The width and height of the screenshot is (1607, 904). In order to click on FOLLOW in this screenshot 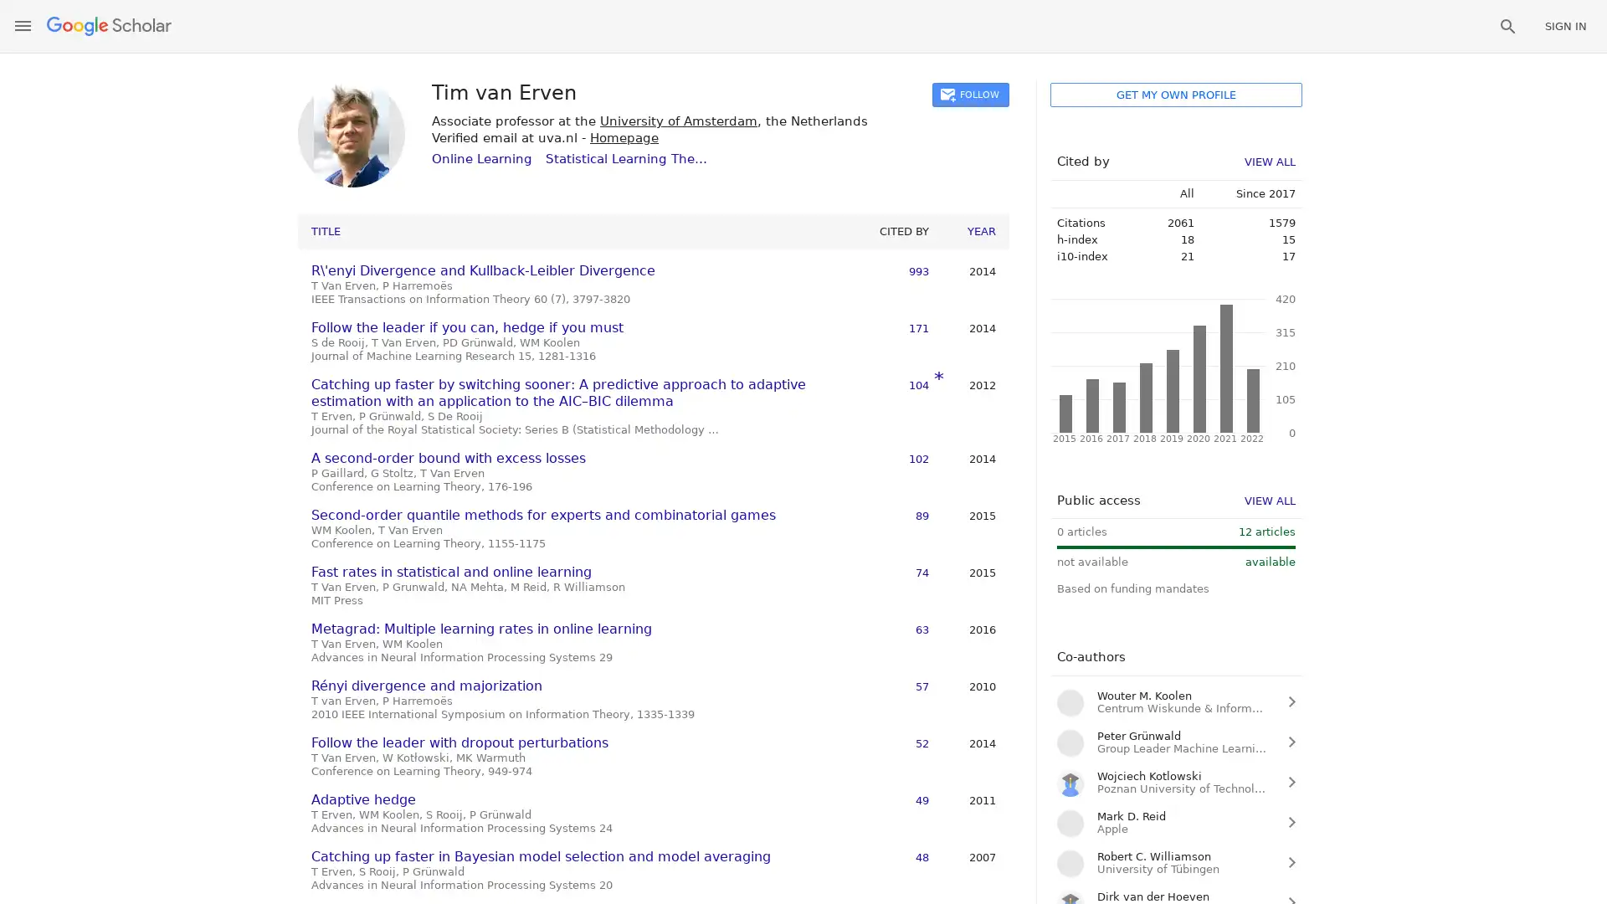, I will do `click(971, 95)`.